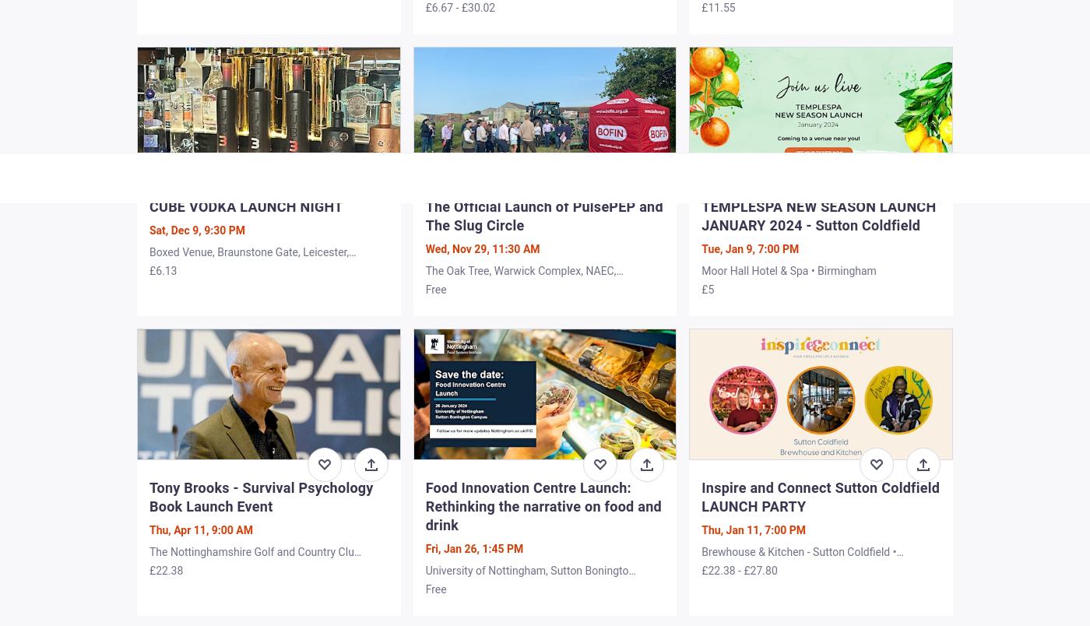  I want to click on 'Boxed Venue, Braunstone Gate, Leicester, UK • Leicester', so click(249, 259).